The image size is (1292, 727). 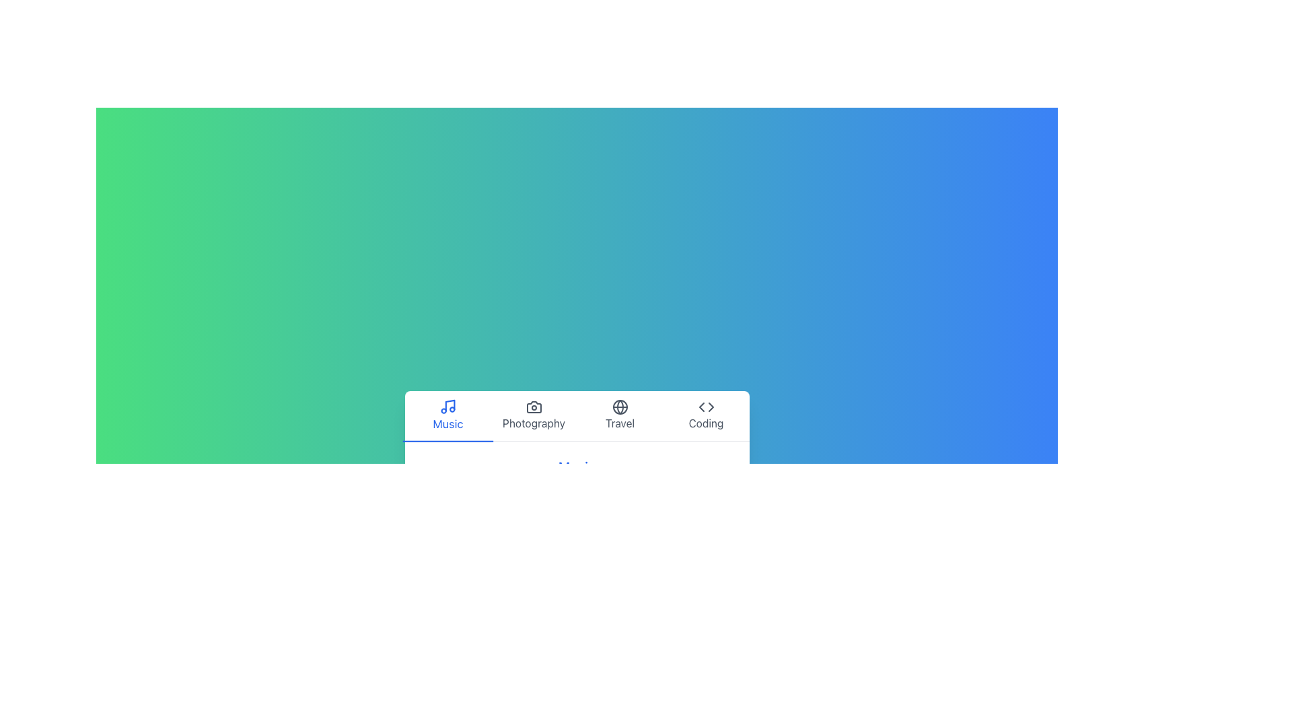 What do you see at coordinates (533, 422) in the screenshot?
I see `the 'Photography' label in the navigation menu located at the bottom of the interface, positioned below the camera icon and between the 'Music' and 'Travel' sections` at bounding box center [533, 422].